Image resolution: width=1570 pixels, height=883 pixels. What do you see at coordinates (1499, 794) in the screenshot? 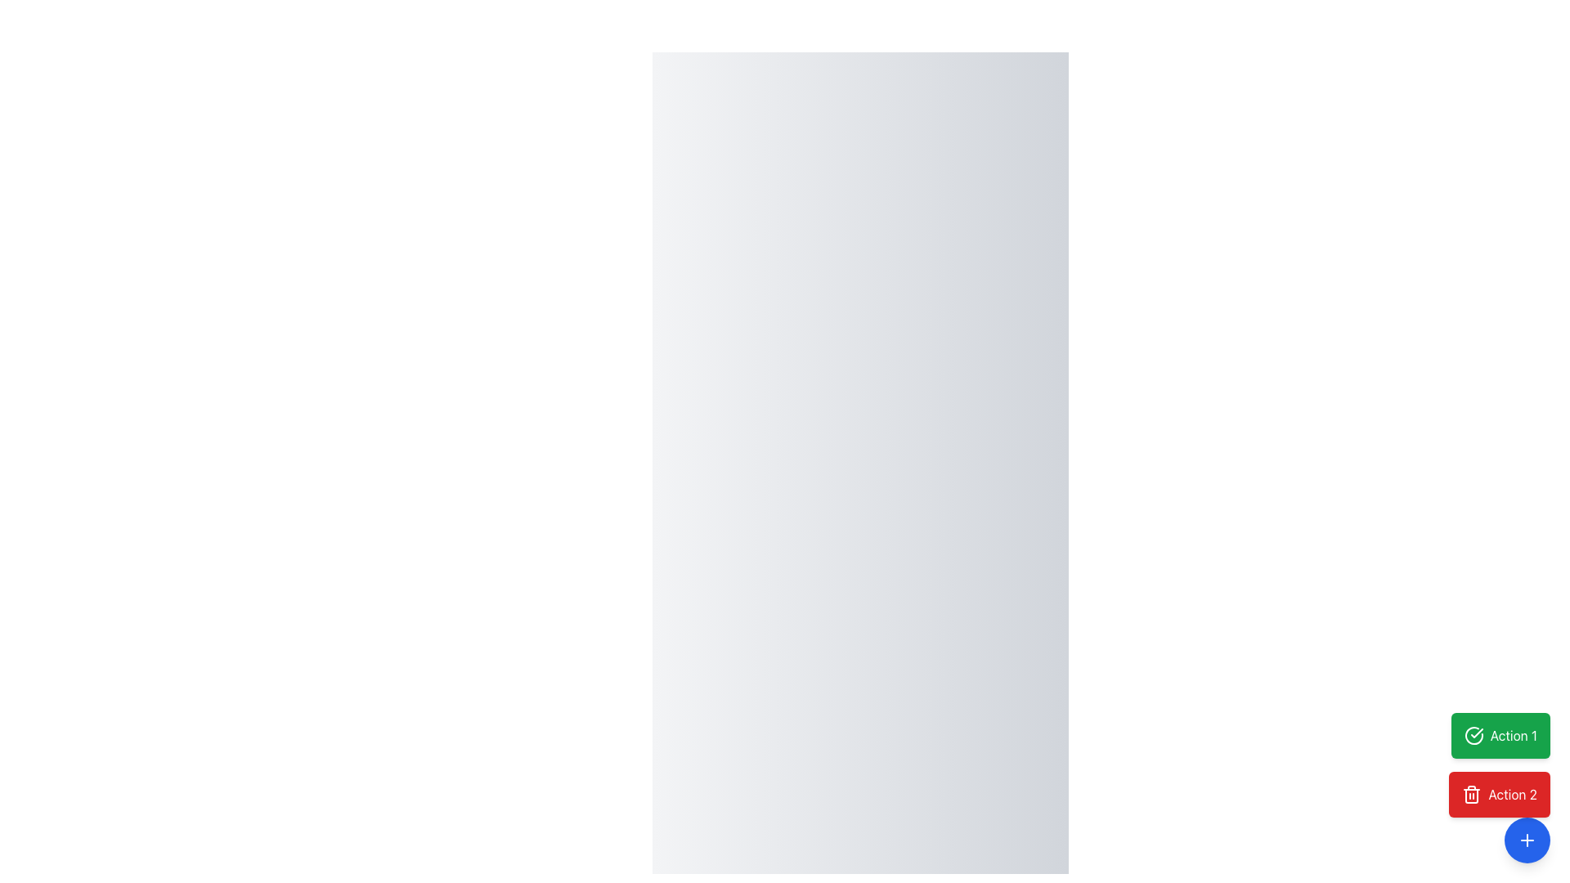
I see `the 'Action 2' button, which is the second button in a vertical stack, colored red with a trash icon, located near the bottom right corner of the interface` at bounding box center [1499, 794].